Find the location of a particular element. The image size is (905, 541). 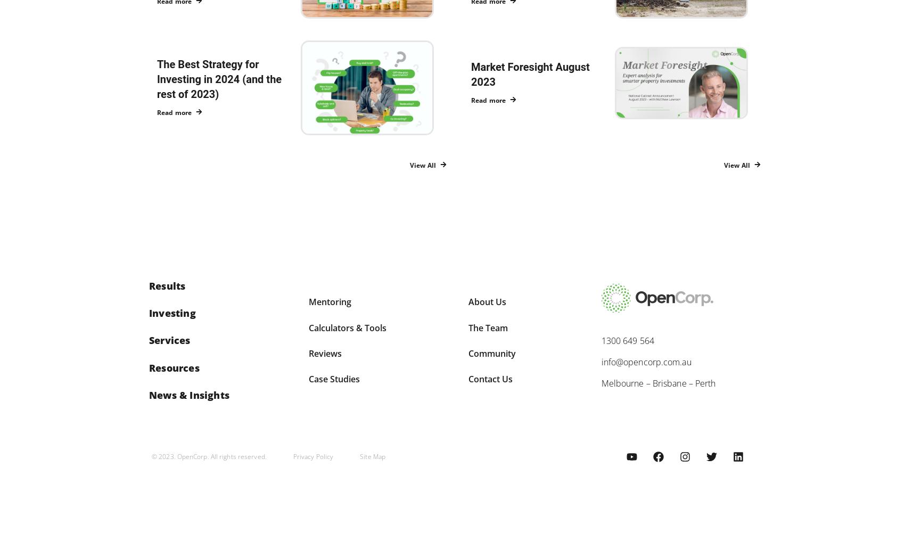

'Reviews' is located at coordinates (324, 353).